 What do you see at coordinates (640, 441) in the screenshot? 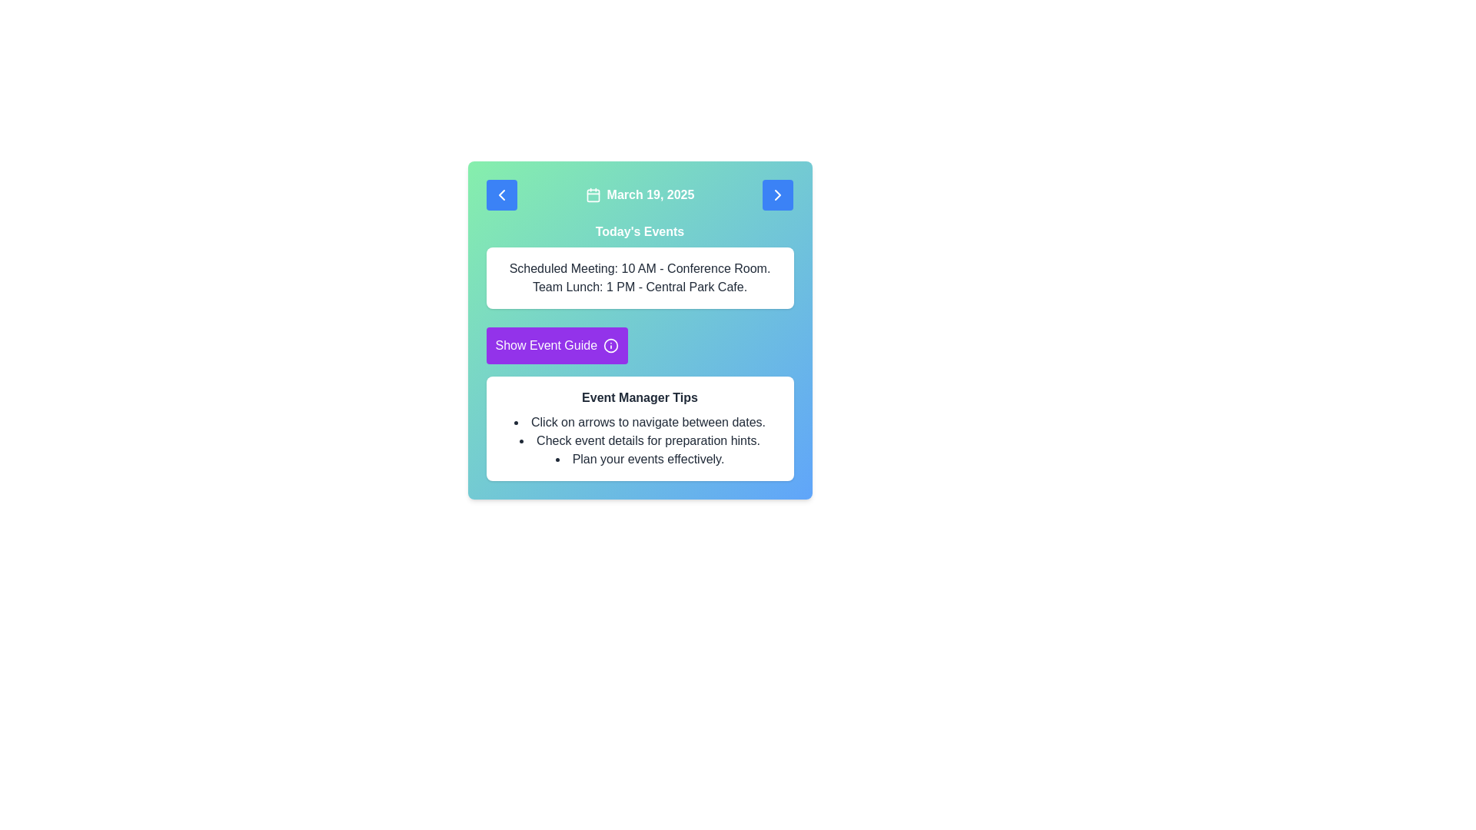
I see `text in the bulleted list titled 'Event Manager Tips' which contains three items: 'Click on arrows to navigate between dates.', 'Check event details for preparation hints.', and 'Plan your events effectively.'` at bounding box center [640, 441].